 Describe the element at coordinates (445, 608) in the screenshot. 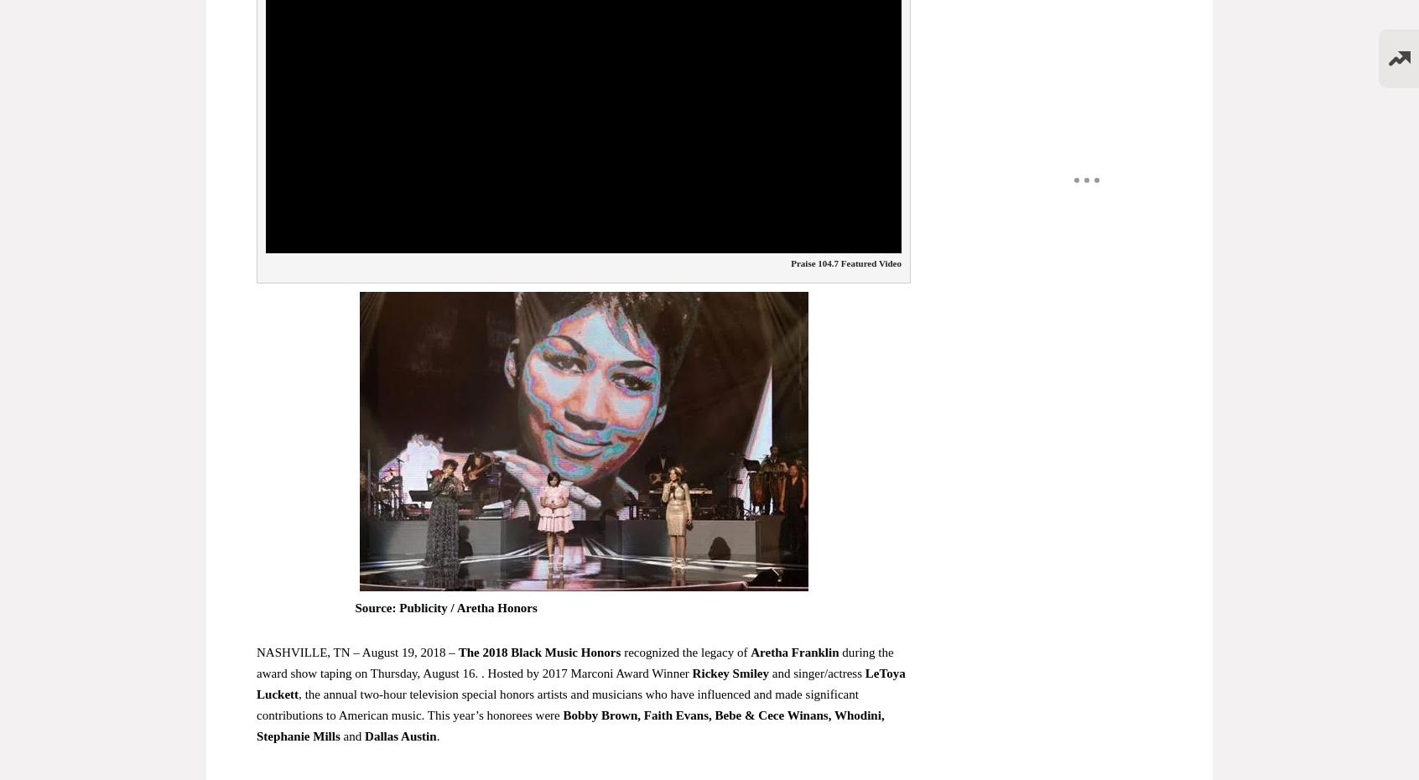

I see `'Source: Publicity / Aretha Honors'` at that location.